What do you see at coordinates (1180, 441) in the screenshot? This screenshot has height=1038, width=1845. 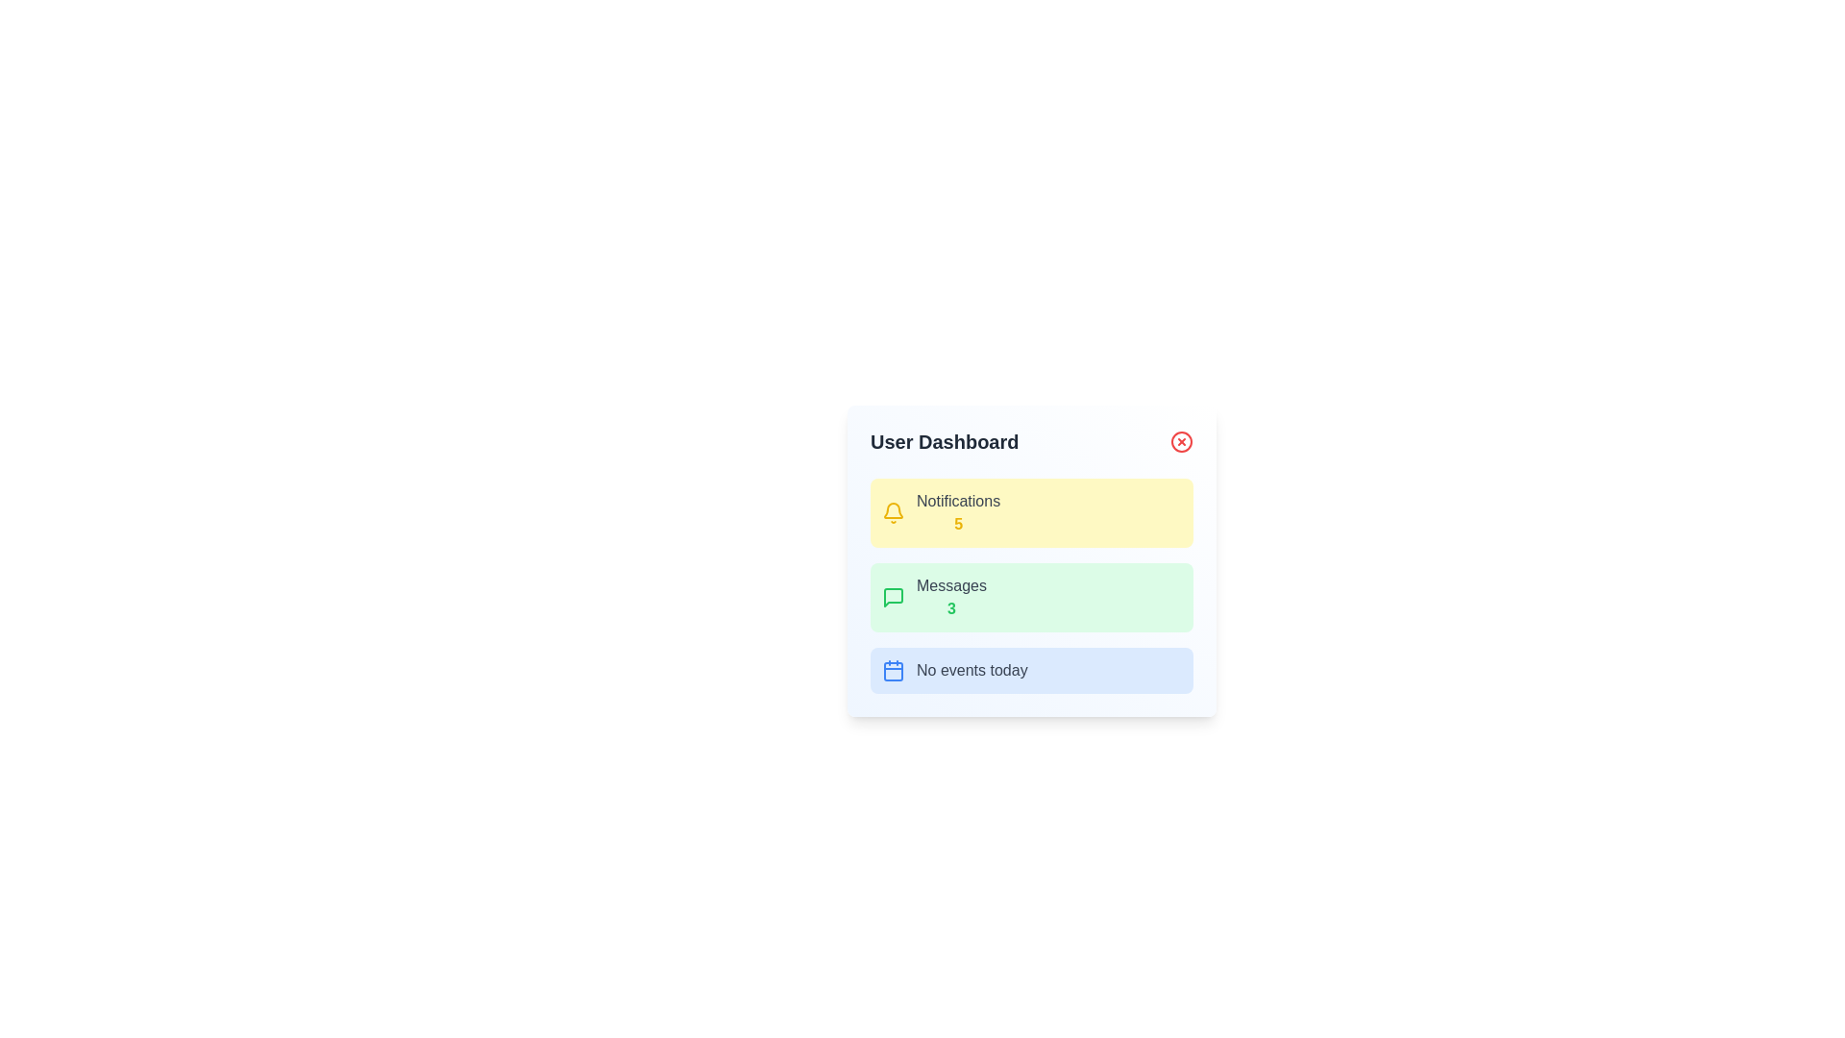 I see `the close button located at the far right of the header section titled 'User Dashboard'` at bounding box center [1180, 441].